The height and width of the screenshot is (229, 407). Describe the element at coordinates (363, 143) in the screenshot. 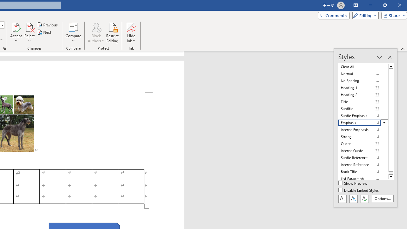

I see `'Quote'` at that location.